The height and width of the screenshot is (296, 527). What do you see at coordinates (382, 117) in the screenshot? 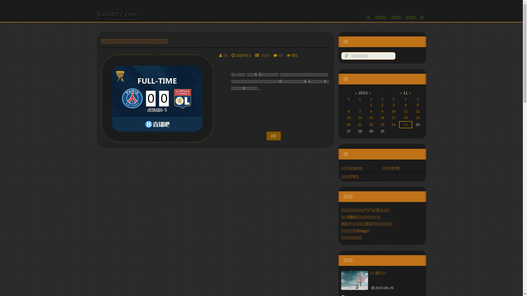
I see `'16'` at bounding box center [382, 117].